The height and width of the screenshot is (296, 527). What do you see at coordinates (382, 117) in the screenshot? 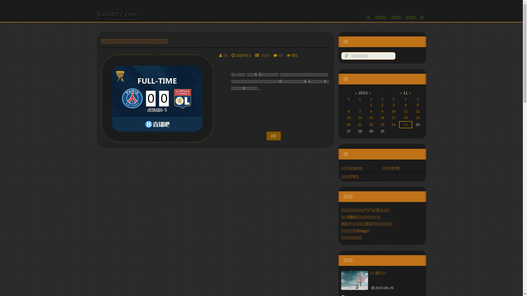
I see `'16'` at bounding box center [382, 117].